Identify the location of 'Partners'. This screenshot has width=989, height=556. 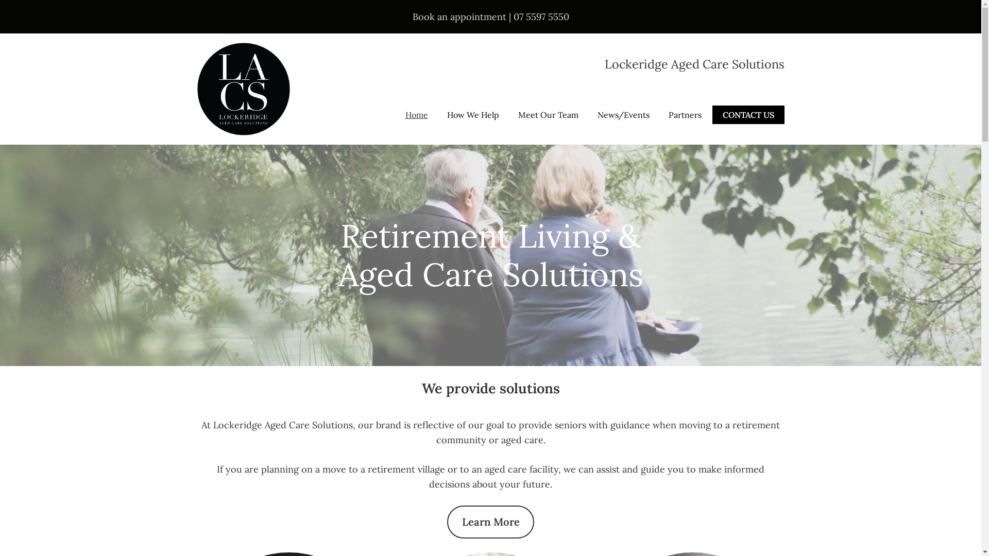
(685, 115).